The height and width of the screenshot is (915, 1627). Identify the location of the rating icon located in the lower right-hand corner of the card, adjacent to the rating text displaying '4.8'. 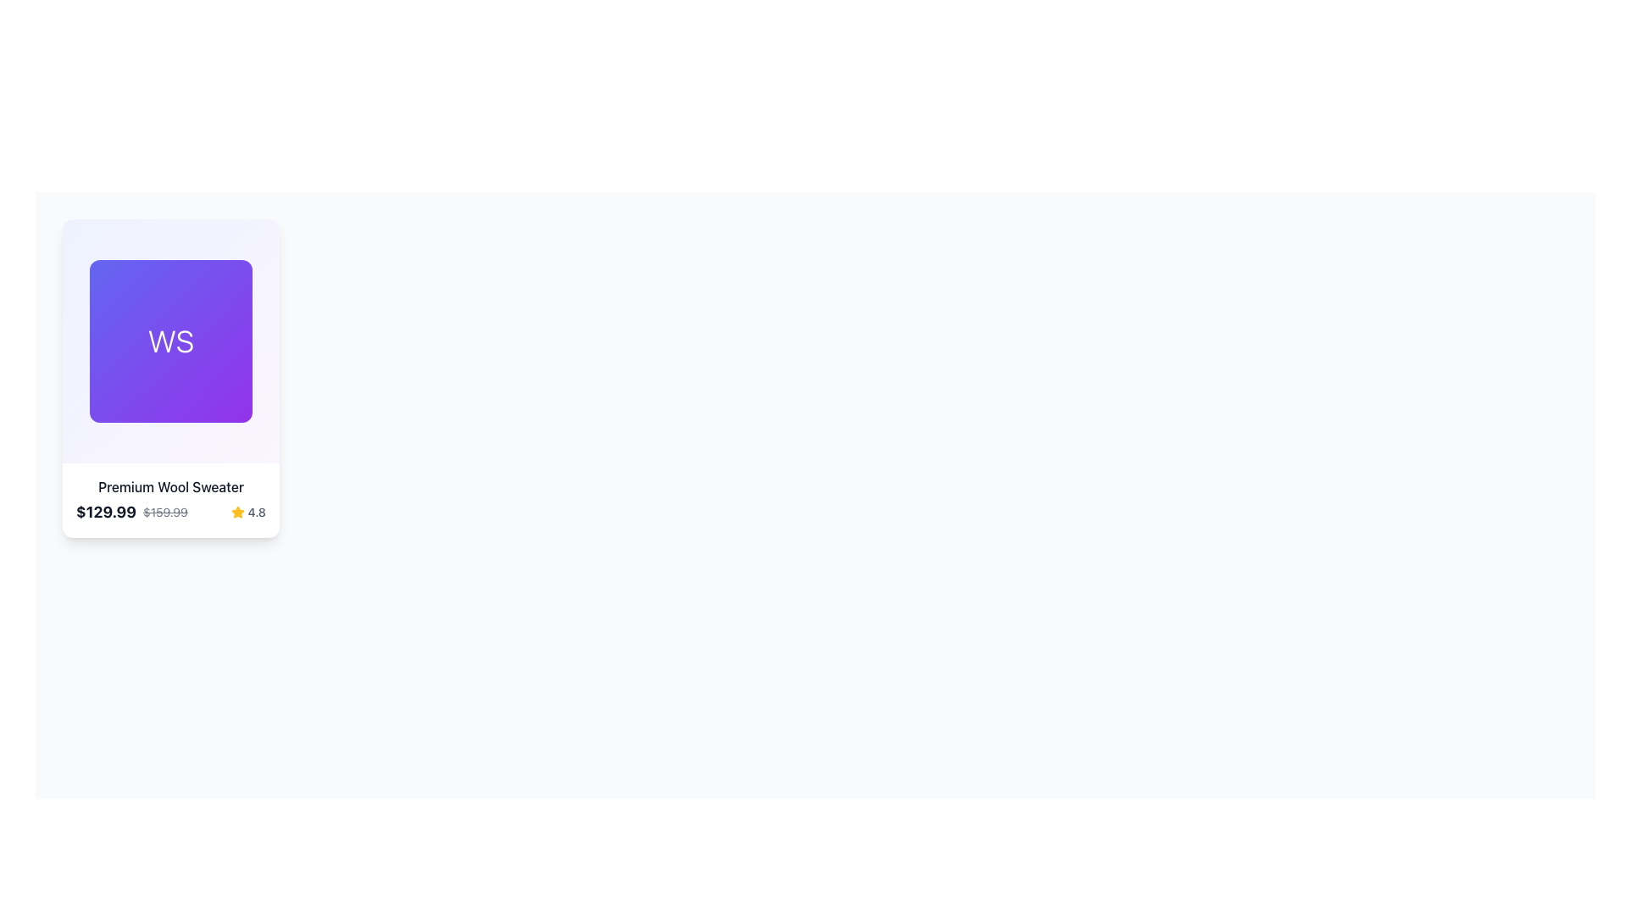
(236, 512).